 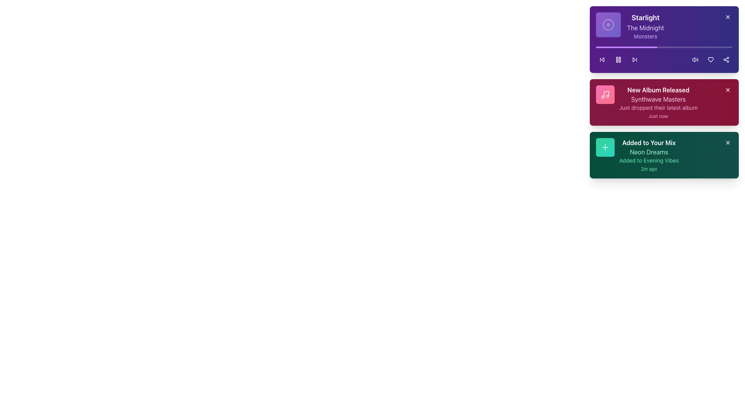 What do you see at coordinates (664, 26) in the screenshot?
I see `the first Informational card that provides details about a music album or artist, which is located at the top of the list and is centered horizontally within a purple-colored card` at bounding box center [664, 26].